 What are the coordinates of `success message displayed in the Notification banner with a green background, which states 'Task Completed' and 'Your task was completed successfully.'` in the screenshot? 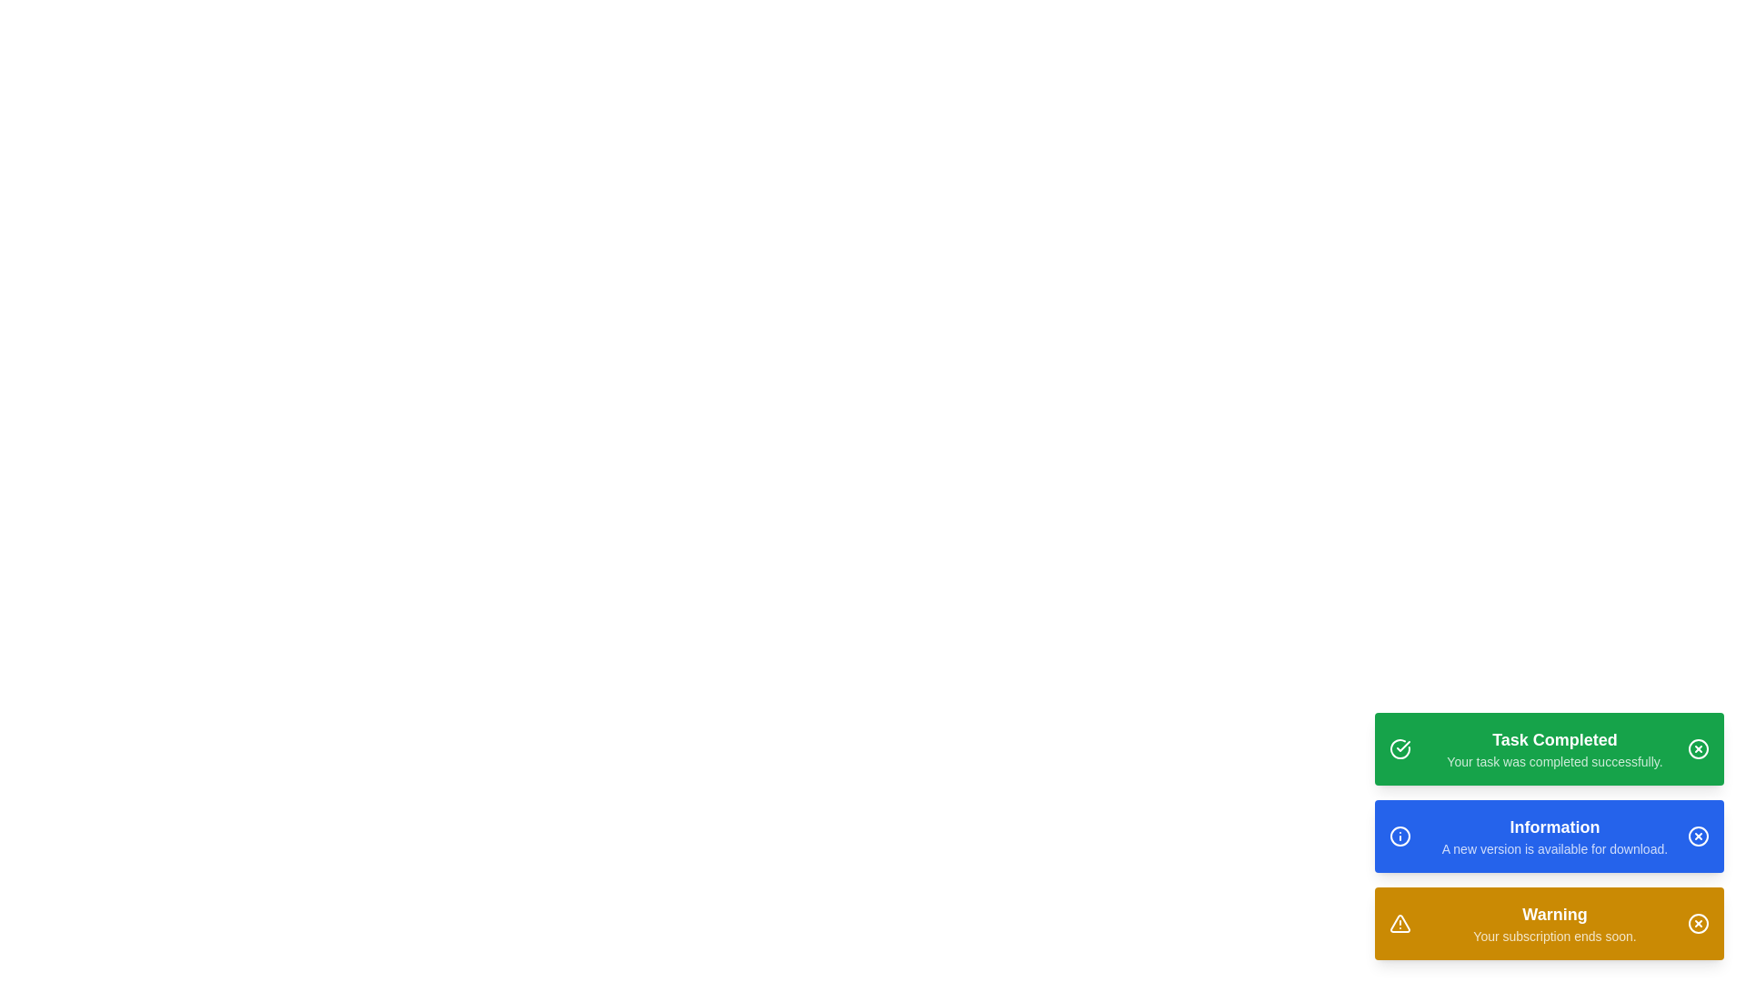 It's located at (1553, 749).